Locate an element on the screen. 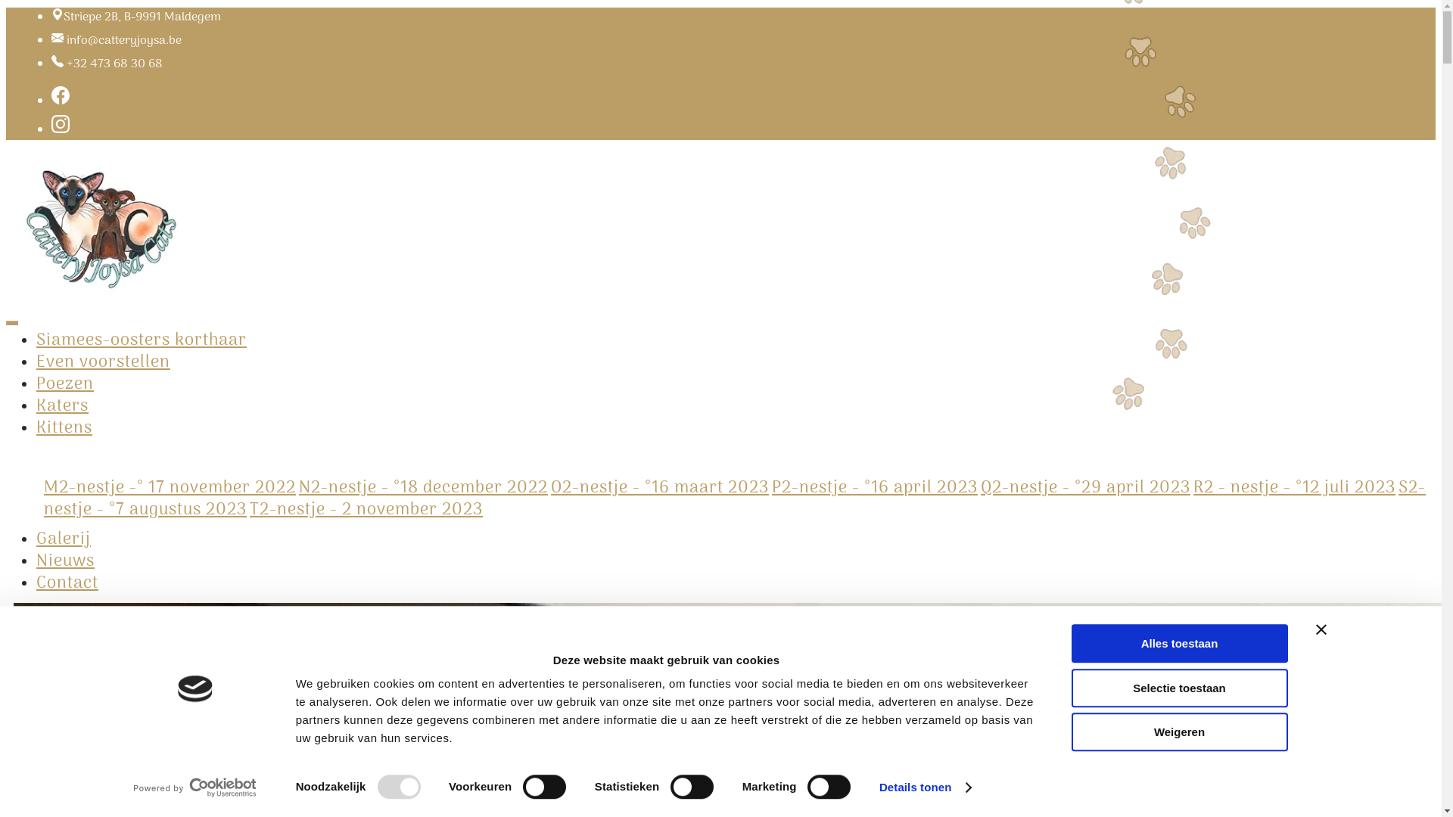 The width and height of the screenshot is (1453, 817). 'Siamees-oosters korthaar' is located at coordinates (142, 340).